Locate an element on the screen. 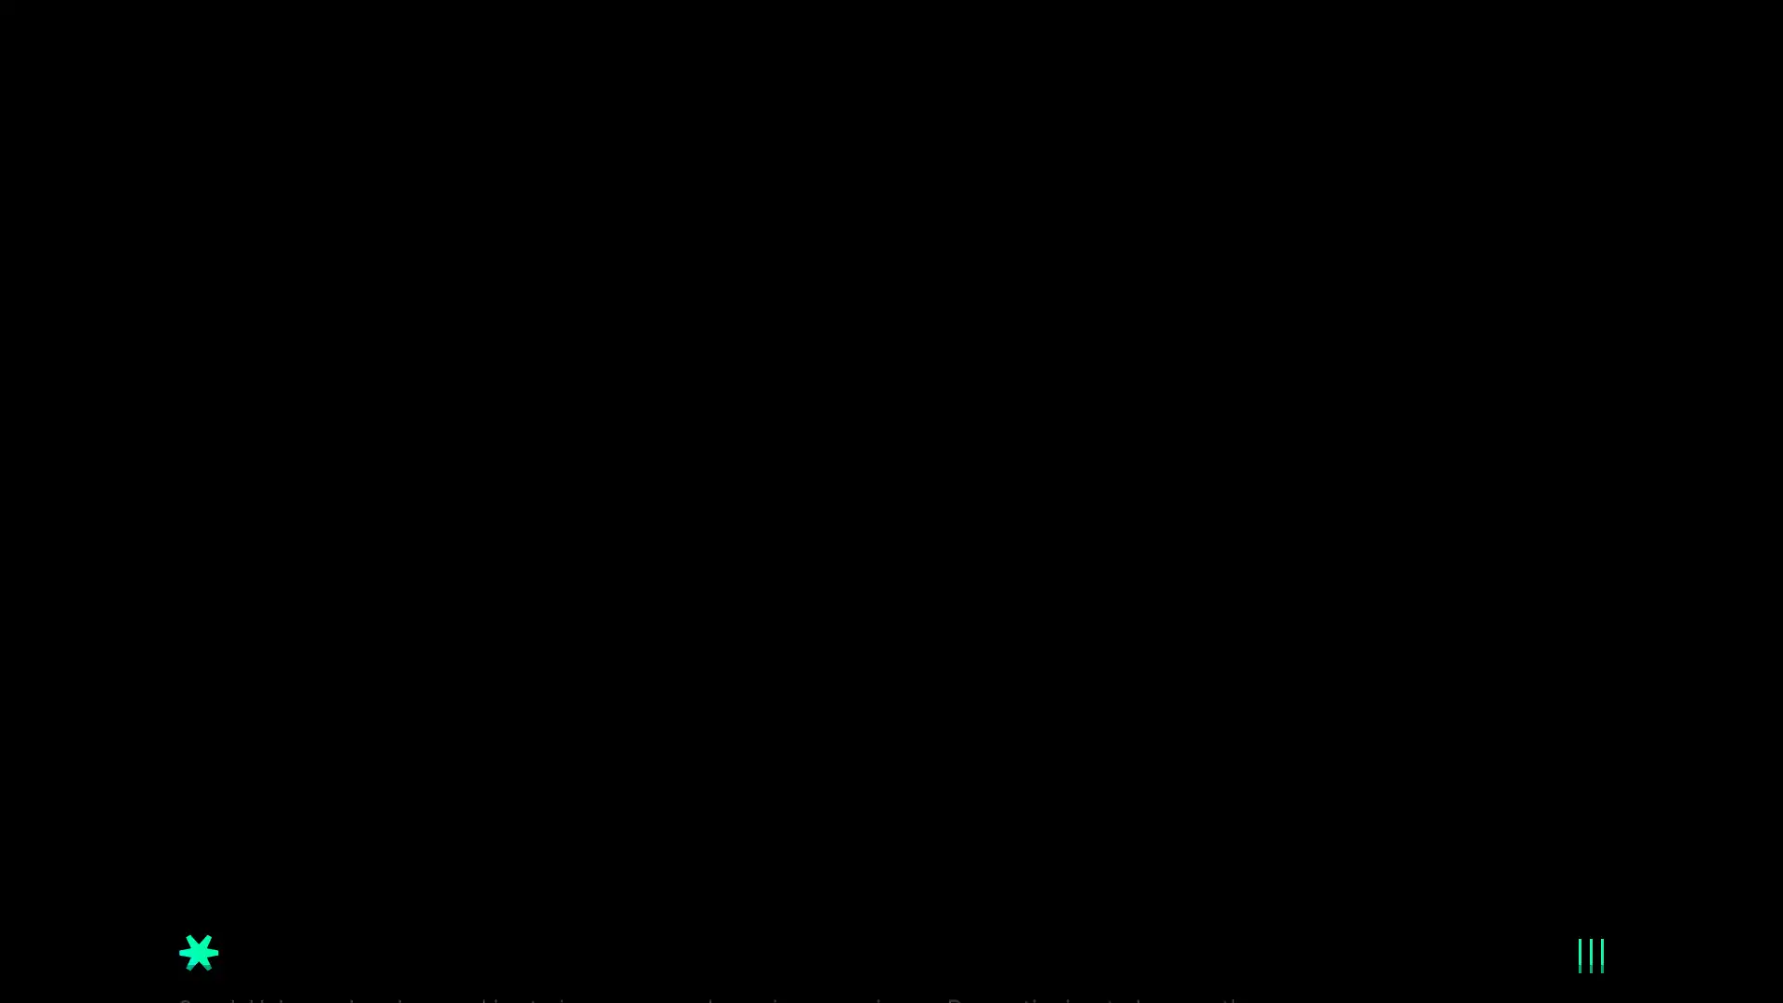 The height and width of the screenshot is (1003, 1783). Got it! is located at coordinates (1551, 941).